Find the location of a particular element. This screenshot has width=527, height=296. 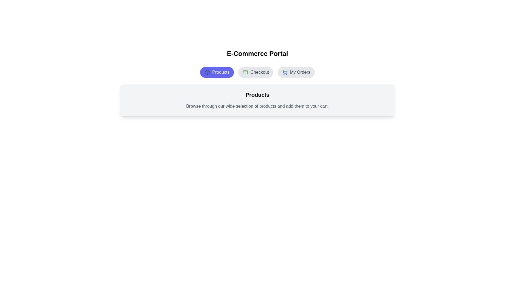

the Checkout tab to view its content is located at coordinates (255, 72).